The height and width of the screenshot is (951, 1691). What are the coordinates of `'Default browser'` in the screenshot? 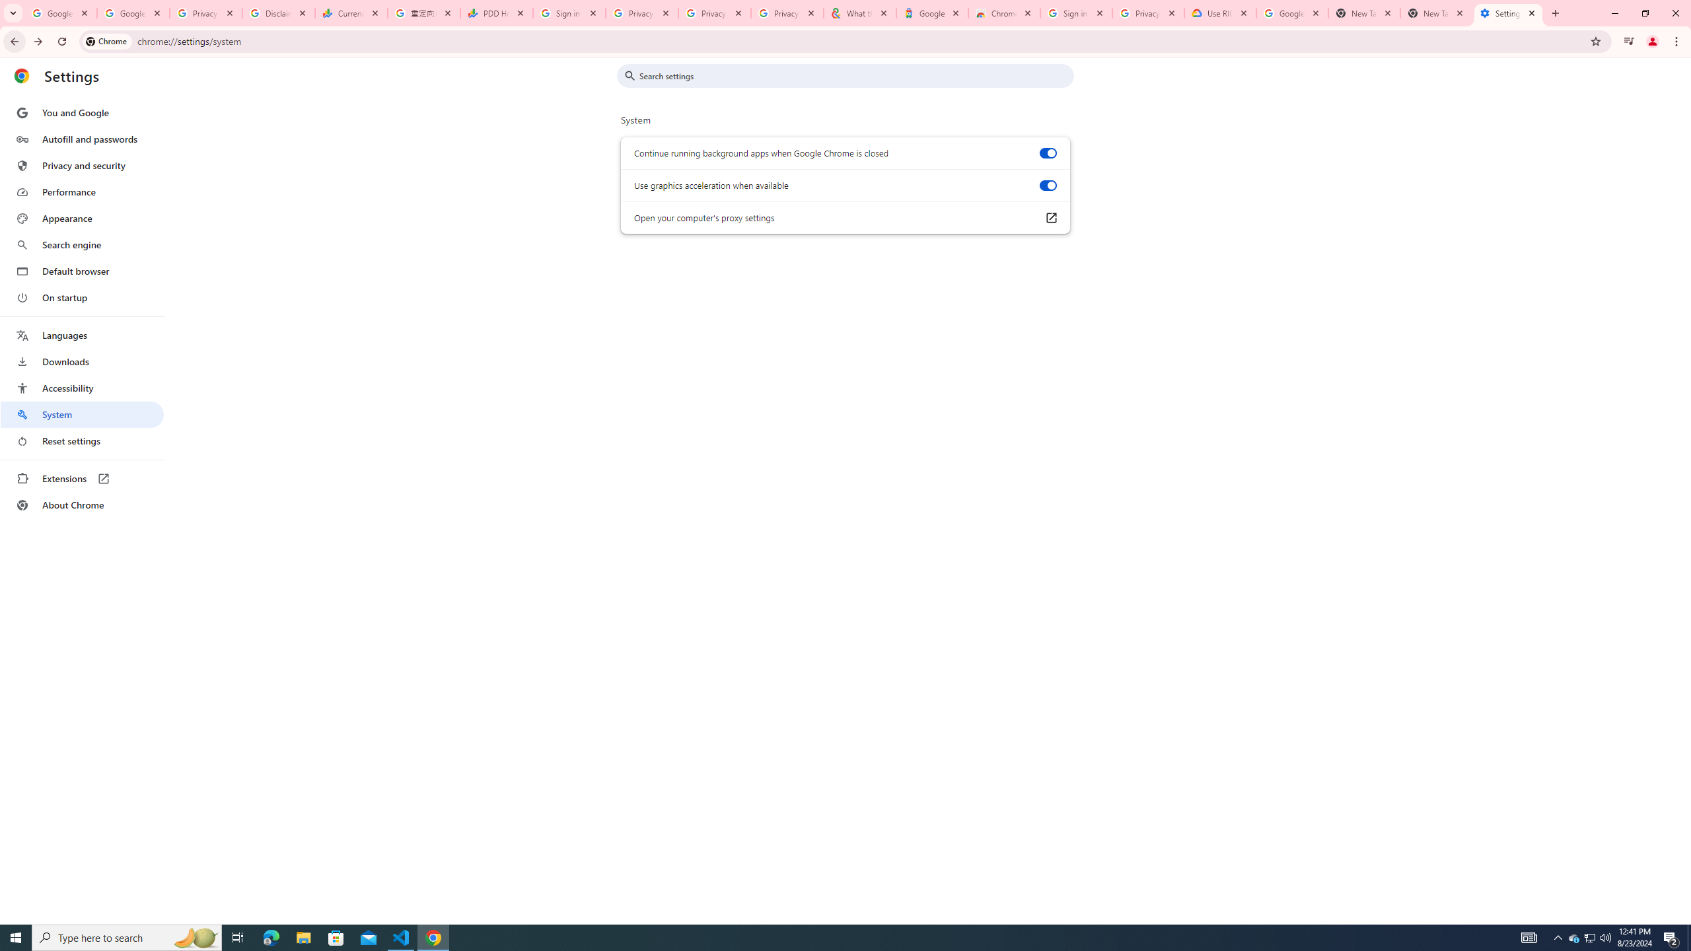 It's located at (81, 271).